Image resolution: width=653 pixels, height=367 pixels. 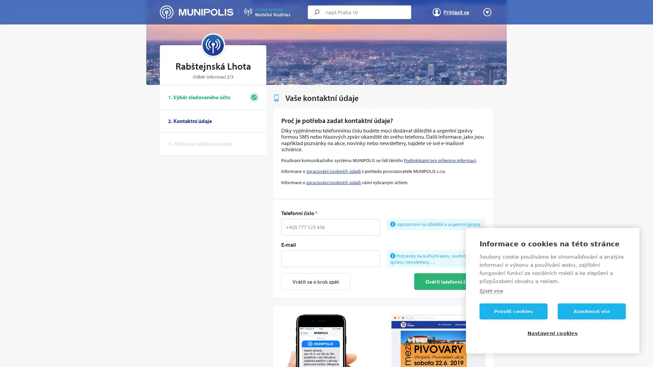 I want to click on Zamitnout vse, so click(x=591, y=311).